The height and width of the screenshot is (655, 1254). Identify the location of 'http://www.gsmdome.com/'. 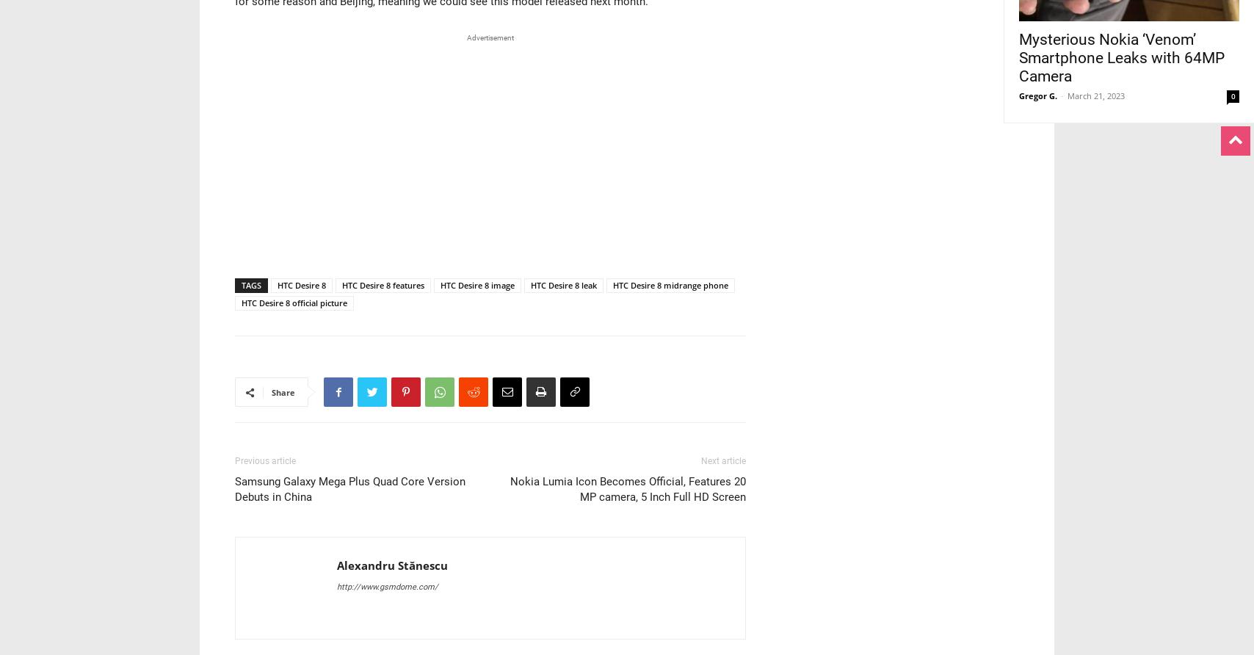
(387, 586).